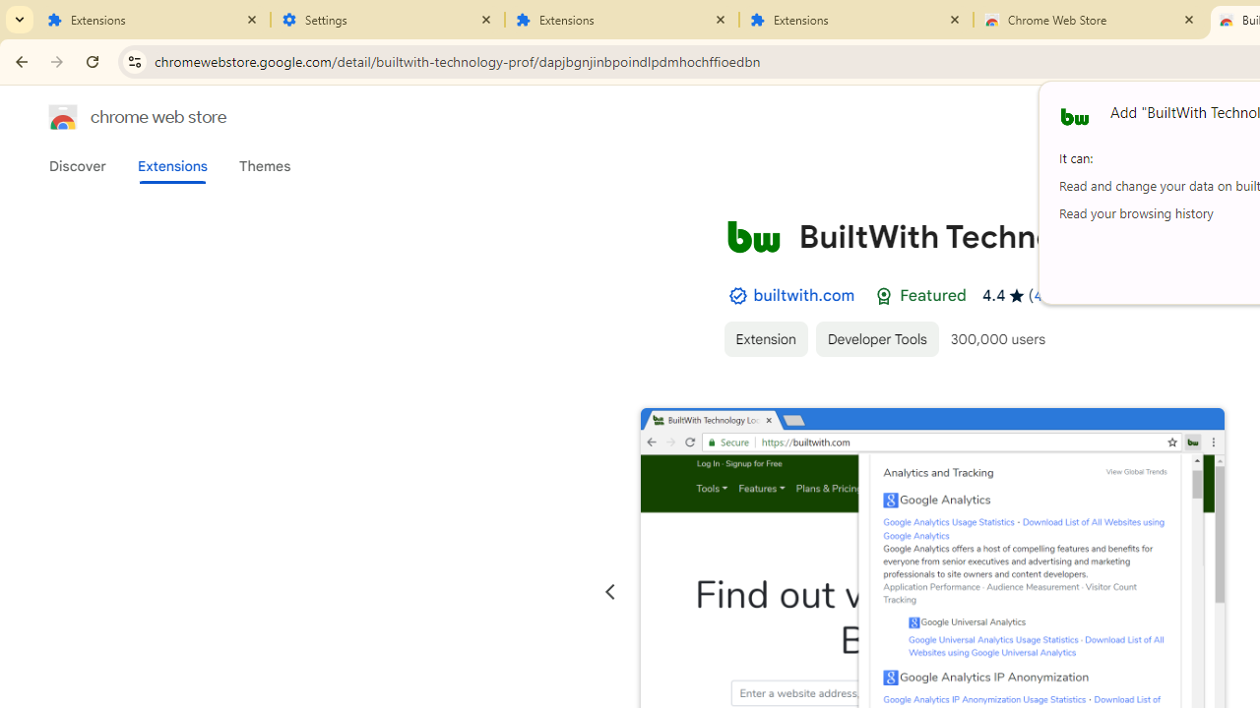 Image resolution: width=1260 pixels, height=708 pixels. I want to click on 'Chrome Web Store', so click(1090, 20).